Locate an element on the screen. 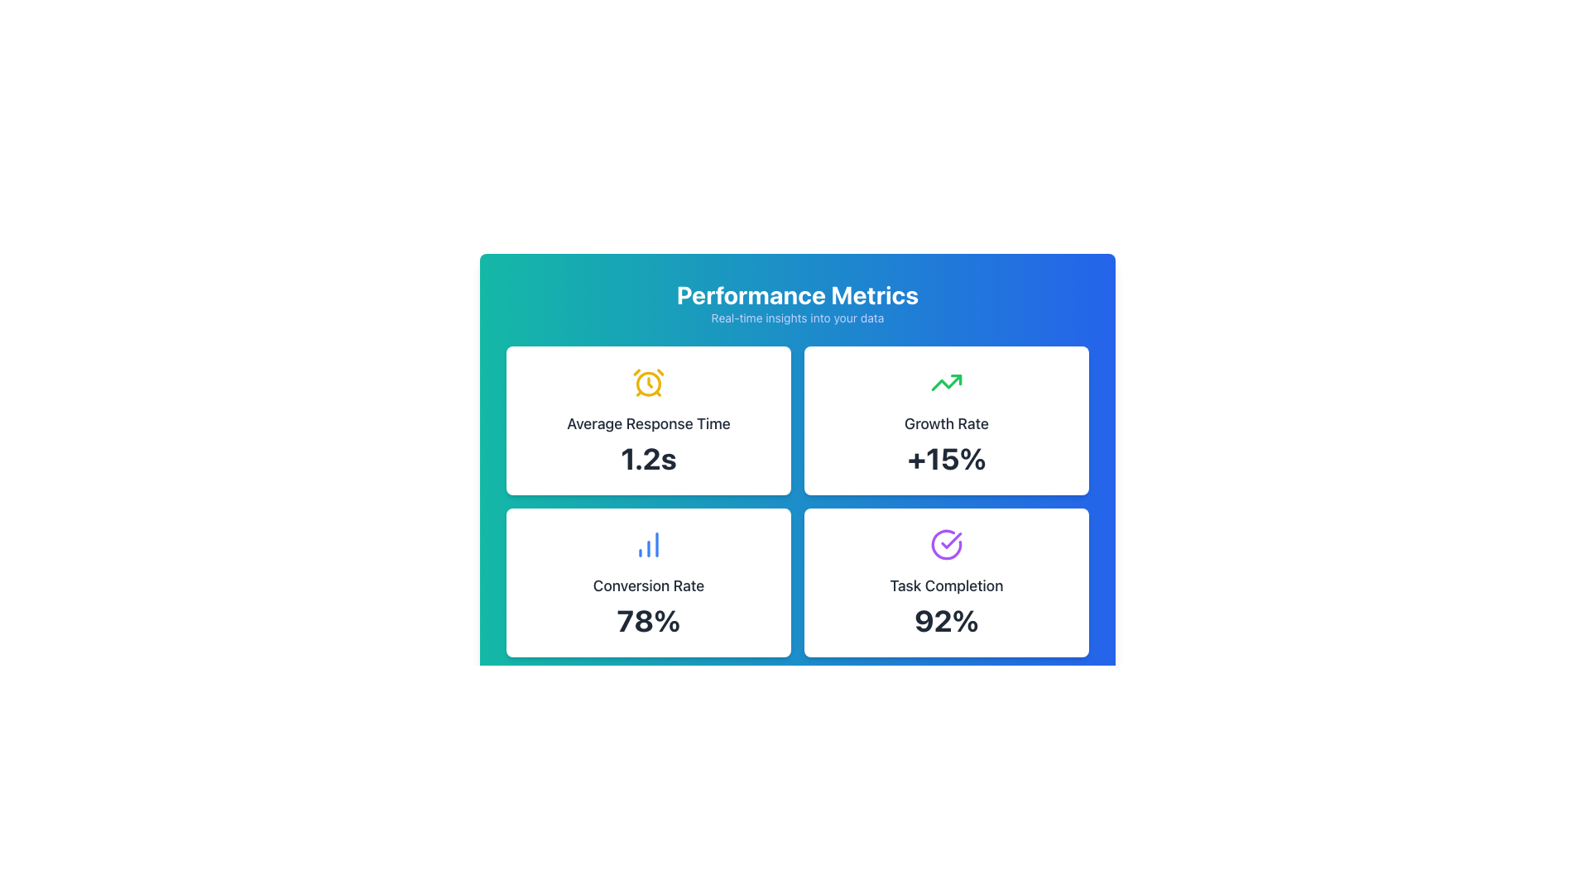 The image size is (1589, 893). the Text Label indicating the completion rate of a task, located above the '92%' text and below a check icon in the bottom-right card of a 2x2 grid is located at coordinates (946, 585).